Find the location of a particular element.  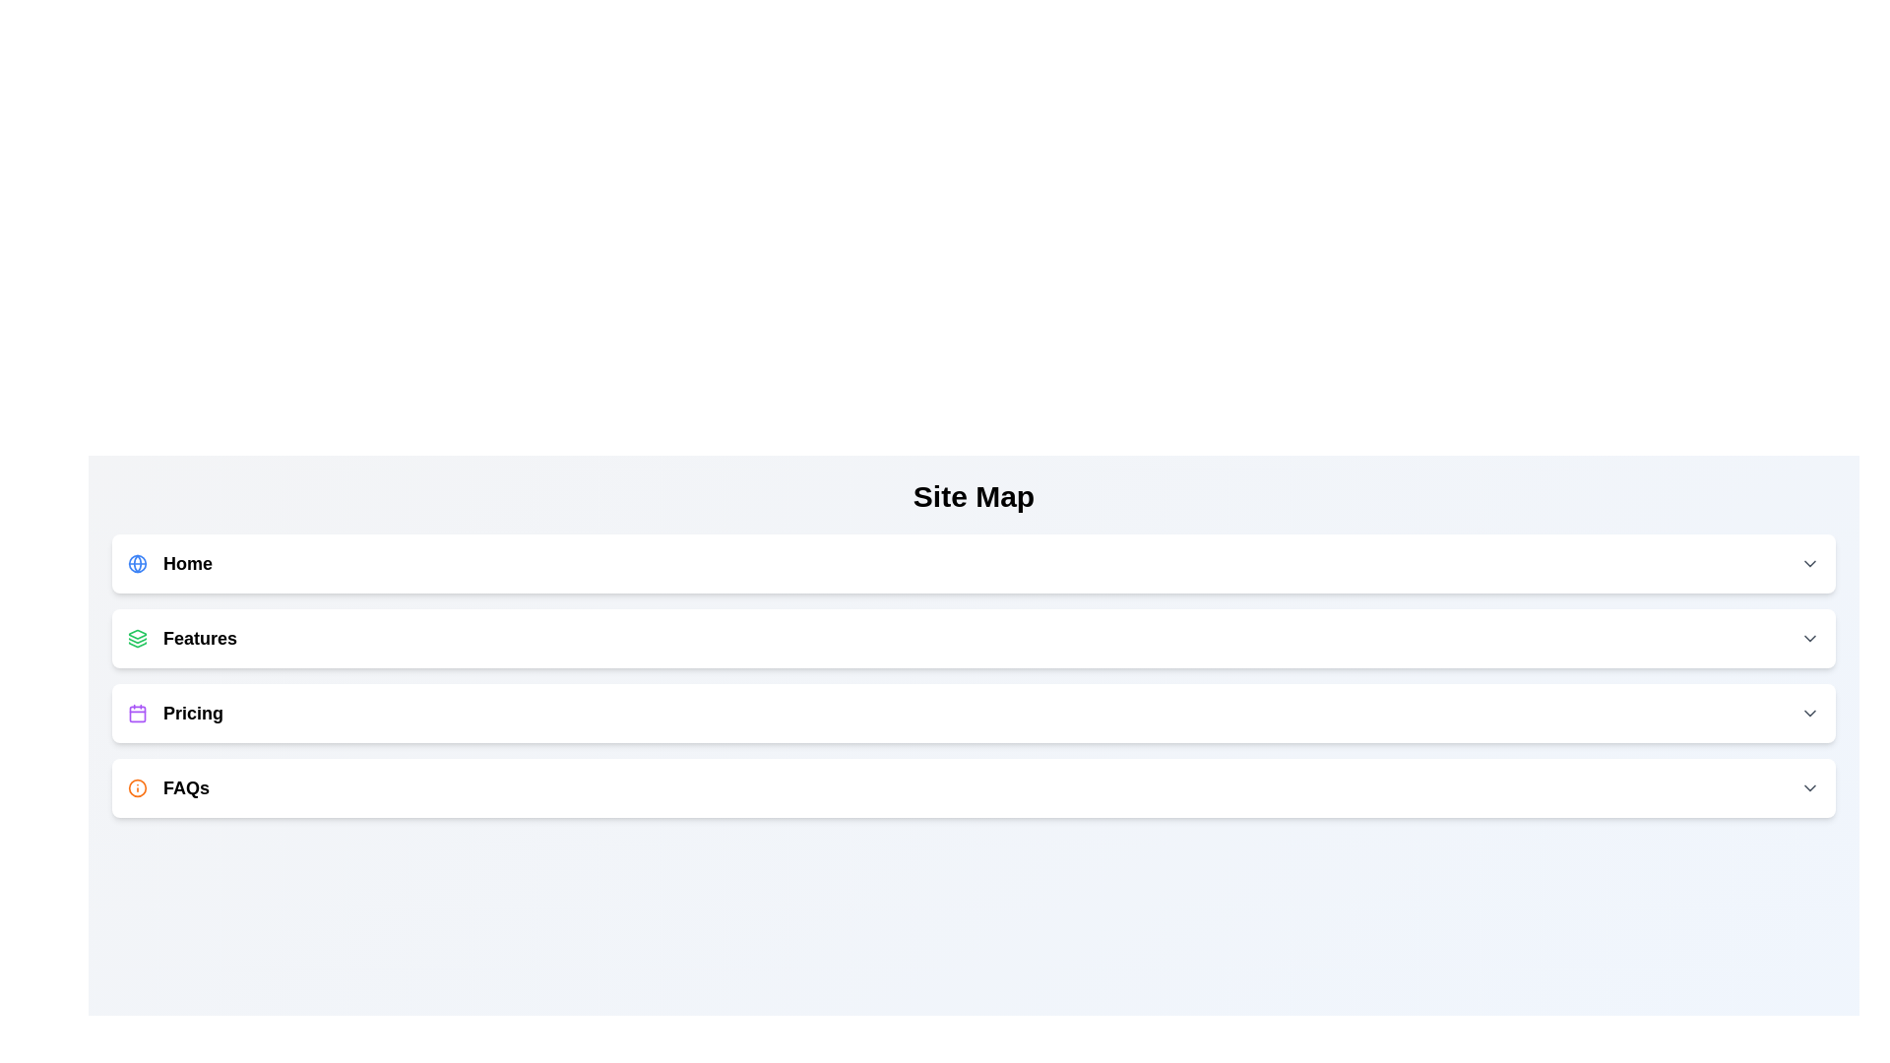

the 'Home' label with a globe icon is located at coordinates (169, 564).